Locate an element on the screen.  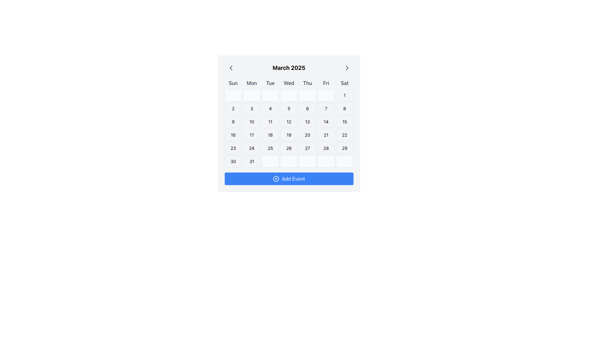
the calendar date cell displaying the text '12' in the fourth row and fifth column is located at coordinates (288, 122).